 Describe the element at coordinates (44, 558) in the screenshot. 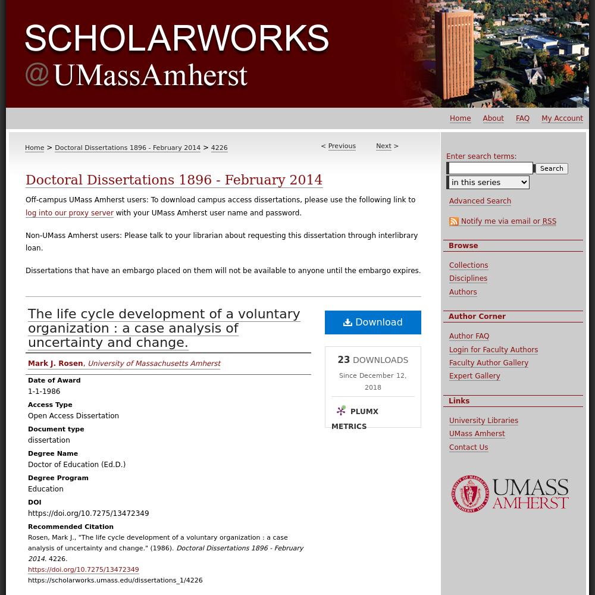

I see `'.  4226.'` at that location.